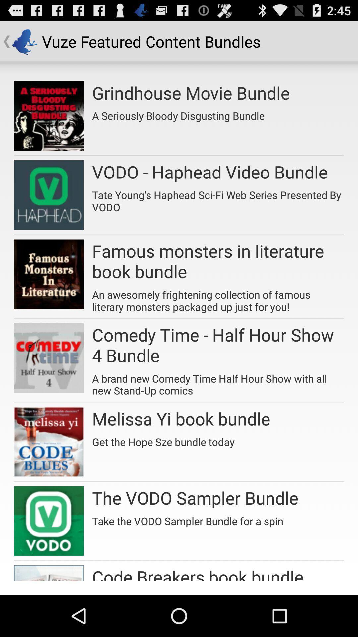 The image size is (358, 637). What do you see at coordinates (178, 113) in the screenshot?
I see `the a seriously bloody app` at bounding box center [178, 113].